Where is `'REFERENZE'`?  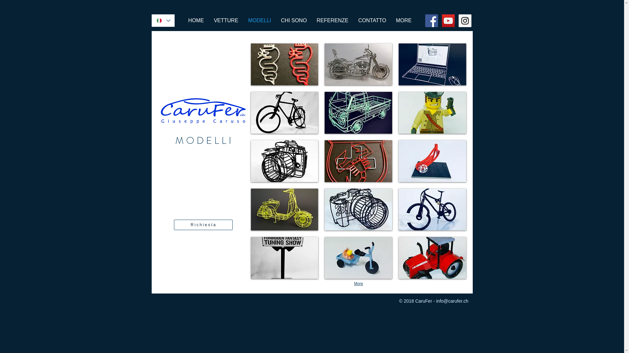 'REFERENZE' is located at coordinates (333, 20).